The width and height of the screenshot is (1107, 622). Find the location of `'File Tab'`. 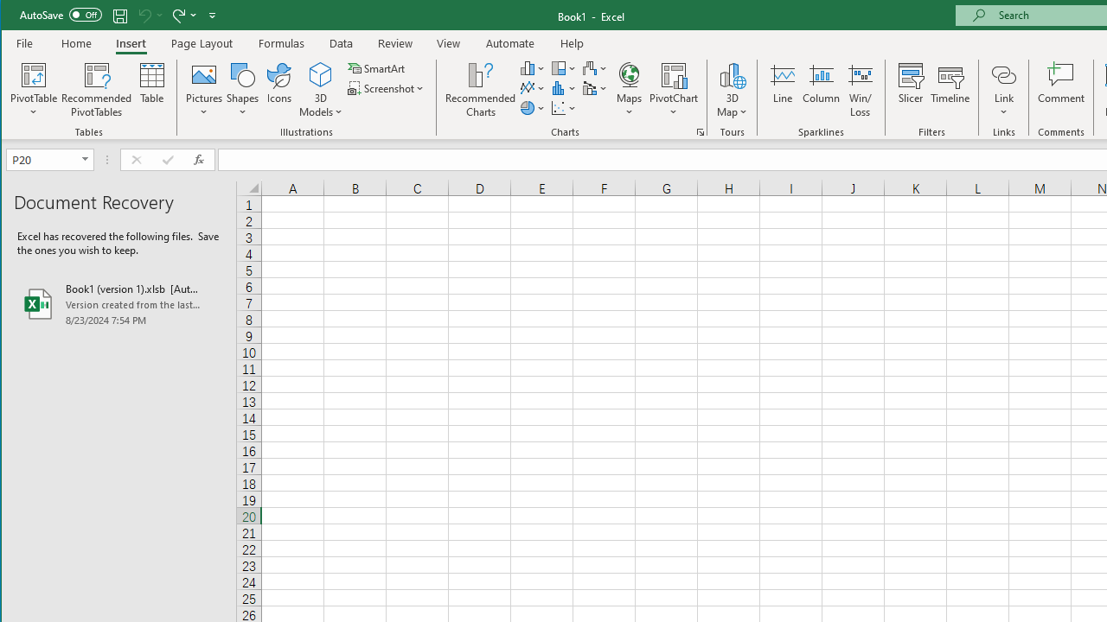

'File Tab' is located at coordinates (25, 42).